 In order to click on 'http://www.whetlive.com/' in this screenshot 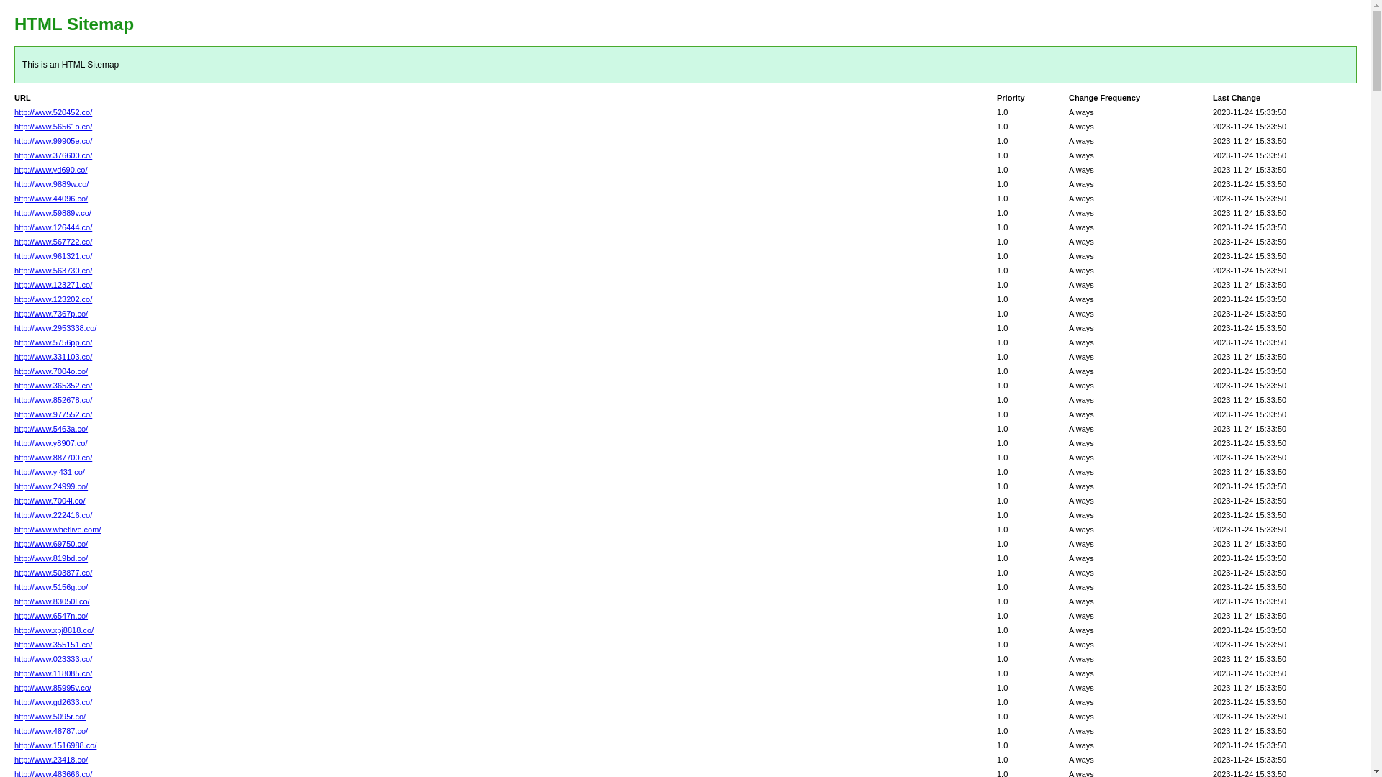, I will do `click(58, 530)`.